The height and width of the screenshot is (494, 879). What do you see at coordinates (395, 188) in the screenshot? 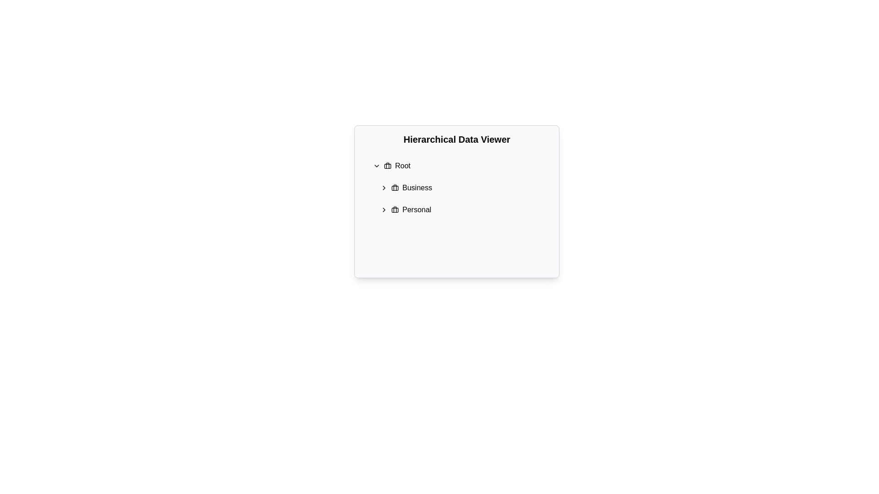
I see `the decorative part of the briefcase icon located in the 'Hierarchical Data Viewer' under the 'Root' hierarchy` at bounding box center [395, 188].